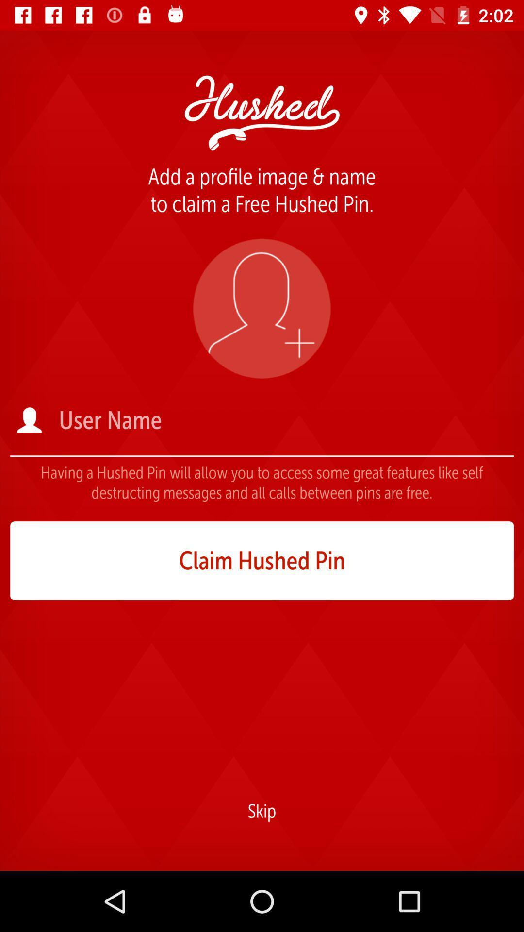  I want to click on username, so click(285, 420).